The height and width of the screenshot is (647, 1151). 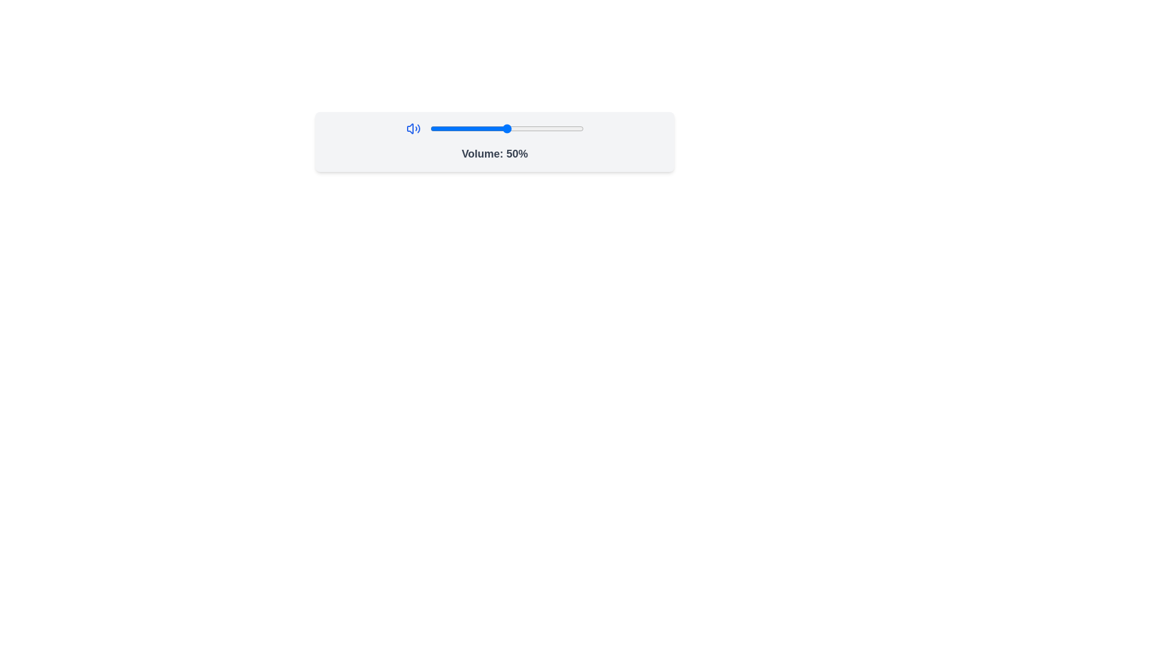 I want to click on the volume, so click(x=532, y=129).